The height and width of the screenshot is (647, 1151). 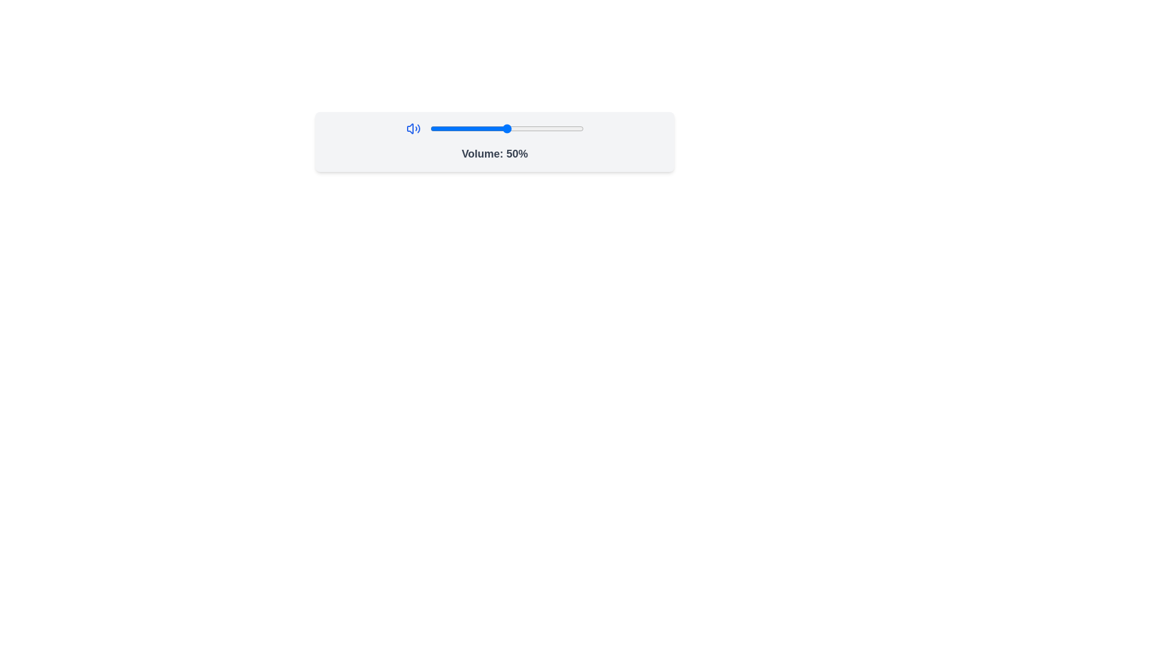 I want to click on the volume, so click(x=532, y=129).